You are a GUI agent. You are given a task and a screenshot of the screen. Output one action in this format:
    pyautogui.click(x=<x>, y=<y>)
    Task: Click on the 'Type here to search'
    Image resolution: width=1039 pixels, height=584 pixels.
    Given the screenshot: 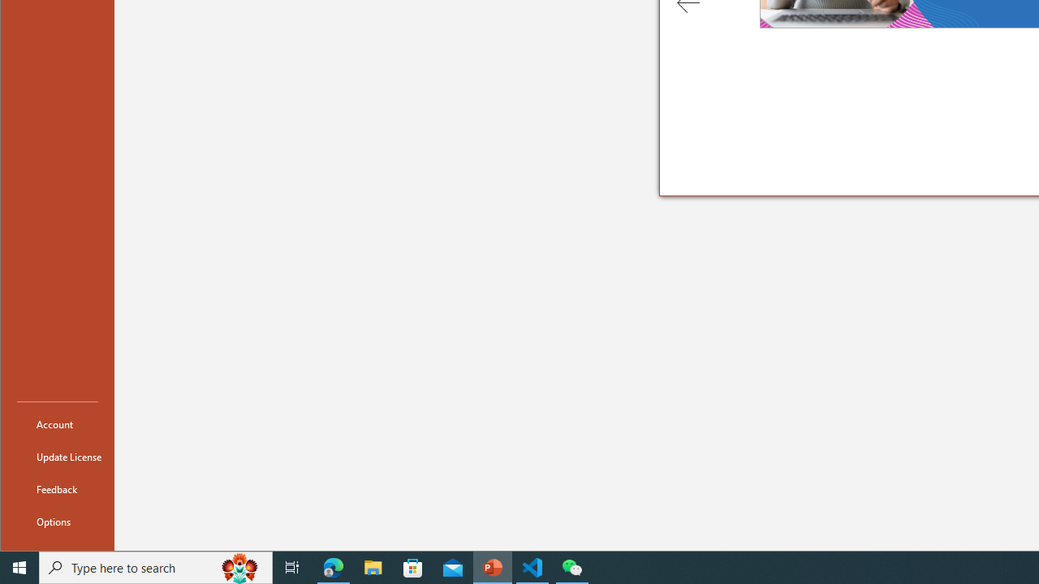 What is the action you would take?
    pyautogui.click(x=156, y=566)
    